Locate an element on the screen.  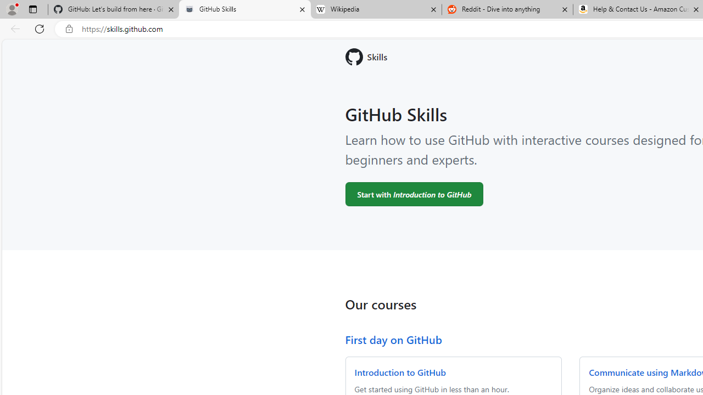
'Reddit - Dive into anything' is located at coordinates (507, 9).